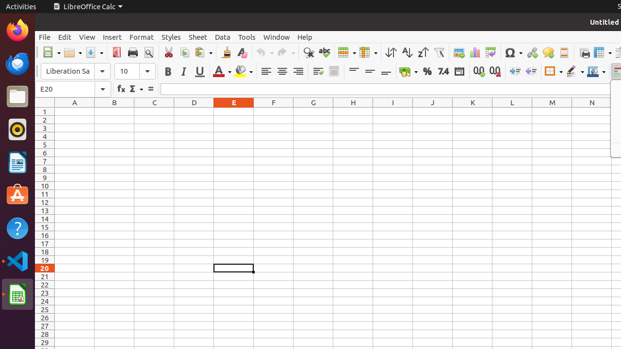  I want to click on 'Visual Studio Code', so click(17, 260).